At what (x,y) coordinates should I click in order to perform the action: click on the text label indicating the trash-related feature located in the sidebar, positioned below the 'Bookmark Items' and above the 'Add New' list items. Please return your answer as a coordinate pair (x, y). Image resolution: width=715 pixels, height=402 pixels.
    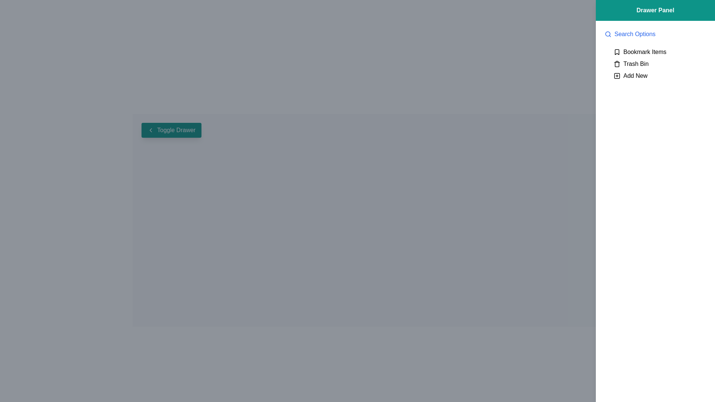
    Looking at the image, I should click on (636, 64).